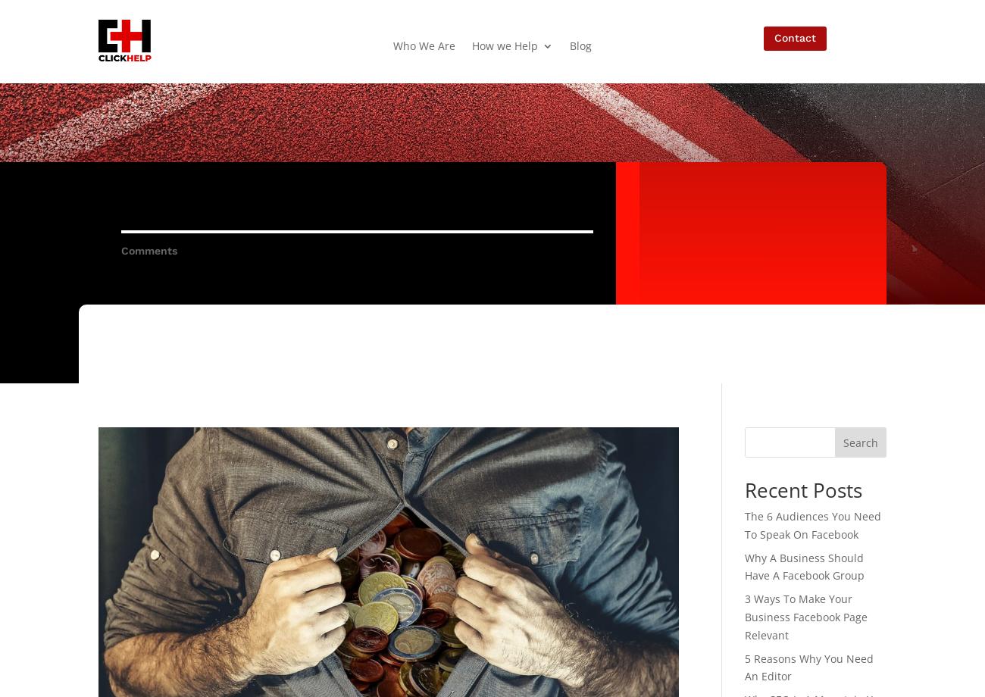 The image size is (985, 697). What do you see at coordinates (743, 566) in the screenshot?
I see `'Why A Business Should Have A Facebook Group'` at bounding box center [743, 566].